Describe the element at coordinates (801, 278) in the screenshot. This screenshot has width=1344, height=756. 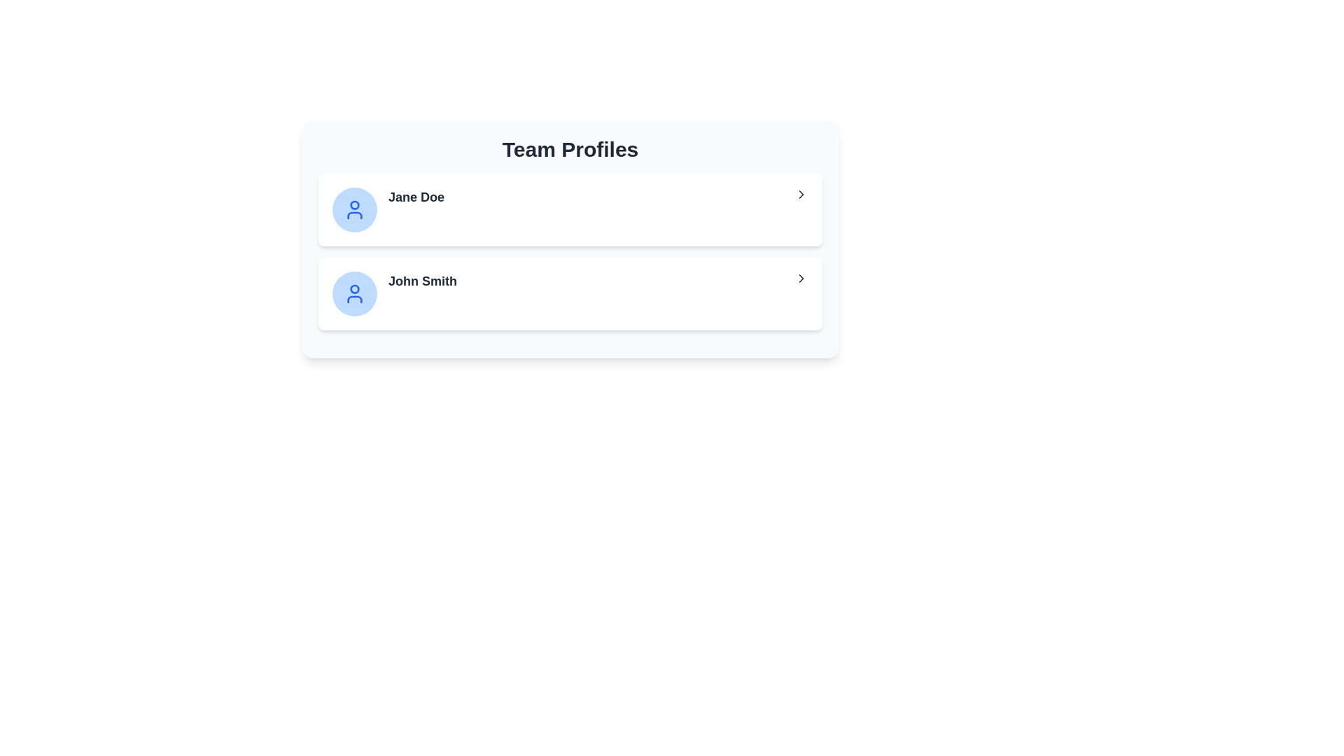
I see `the right-pointing chevron icon associated with 'John Smith' in the 'Team Profiles' section` at that location.